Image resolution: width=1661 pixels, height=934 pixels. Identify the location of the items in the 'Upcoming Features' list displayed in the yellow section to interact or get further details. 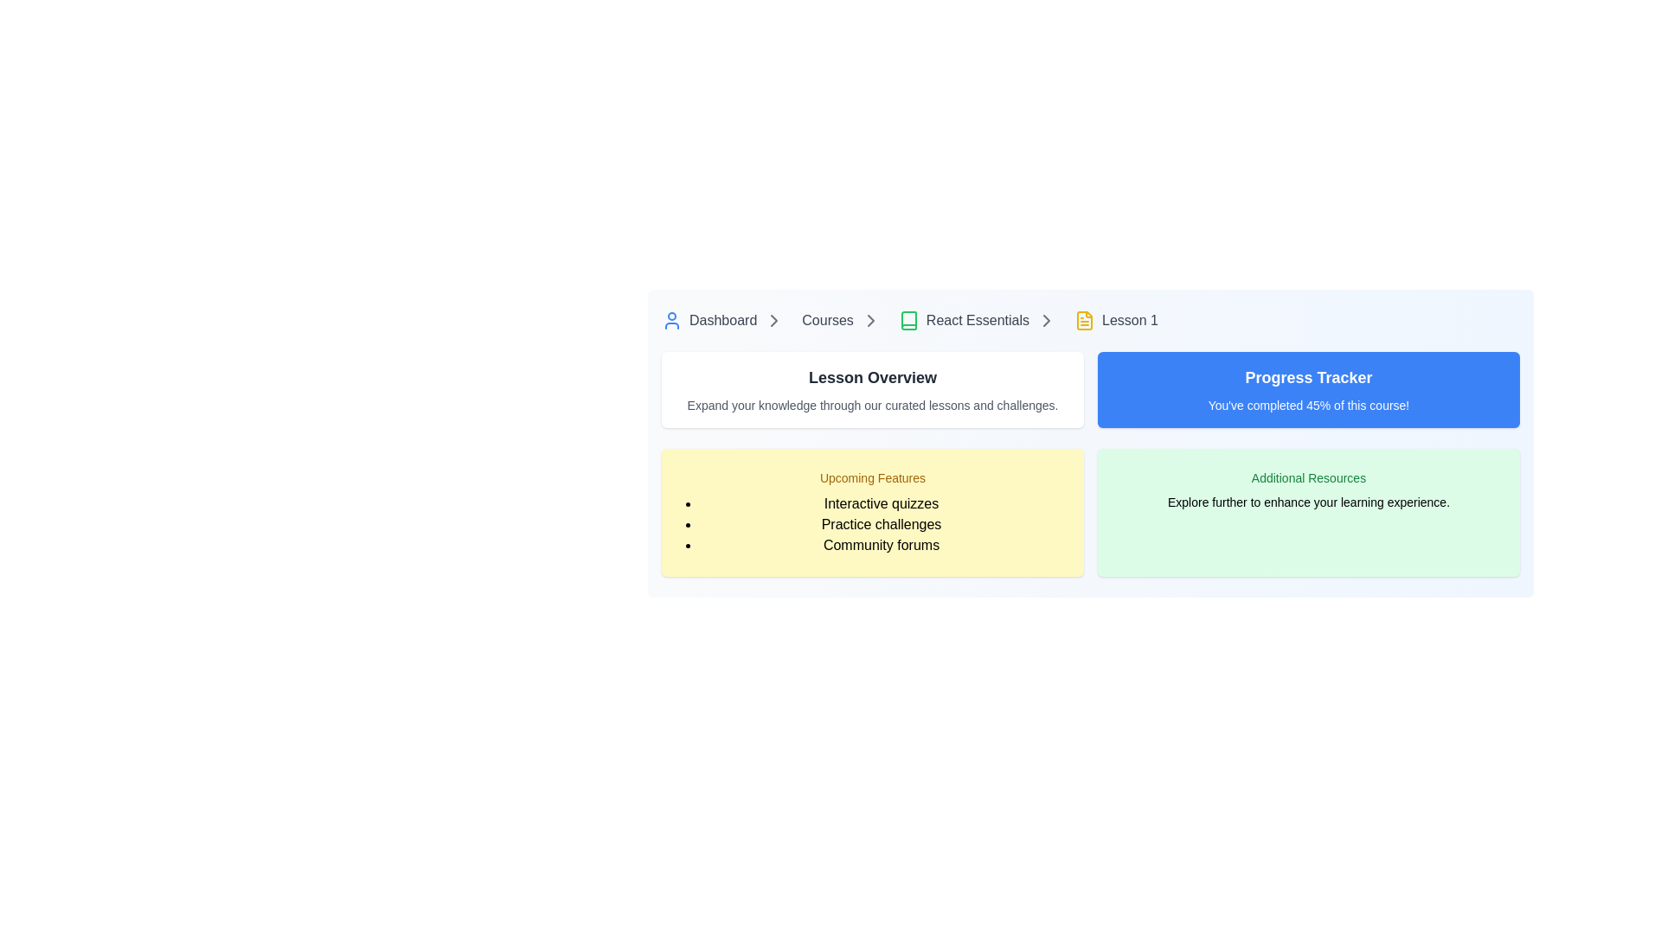
(872, 523).